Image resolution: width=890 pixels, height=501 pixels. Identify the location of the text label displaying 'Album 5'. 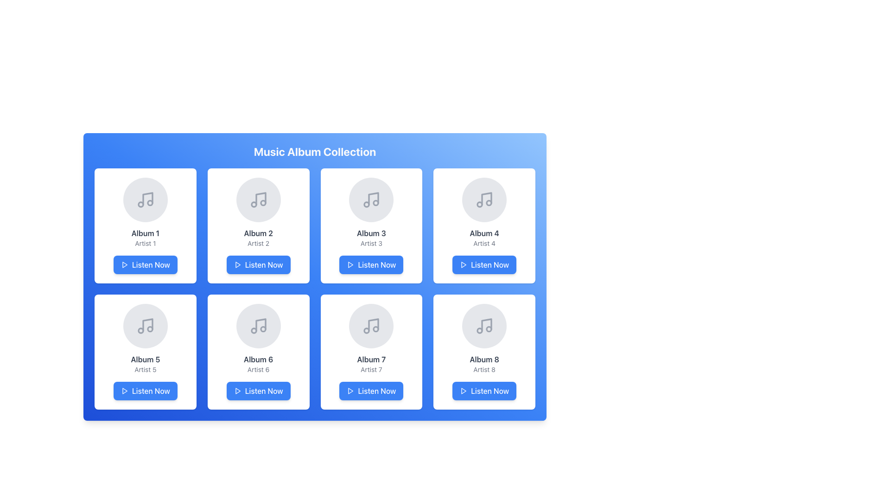
(145, 359).